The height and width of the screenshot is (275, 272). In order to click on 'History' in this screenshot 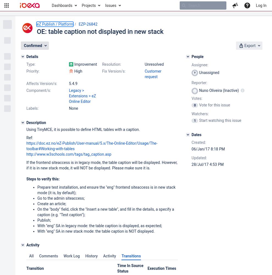, I will do `click(91, 256)`.